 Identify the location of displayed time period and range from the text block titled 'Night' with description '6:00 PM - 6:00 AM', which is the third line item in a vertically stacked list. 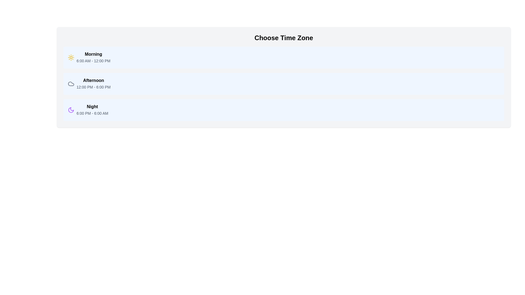
(92, 110).